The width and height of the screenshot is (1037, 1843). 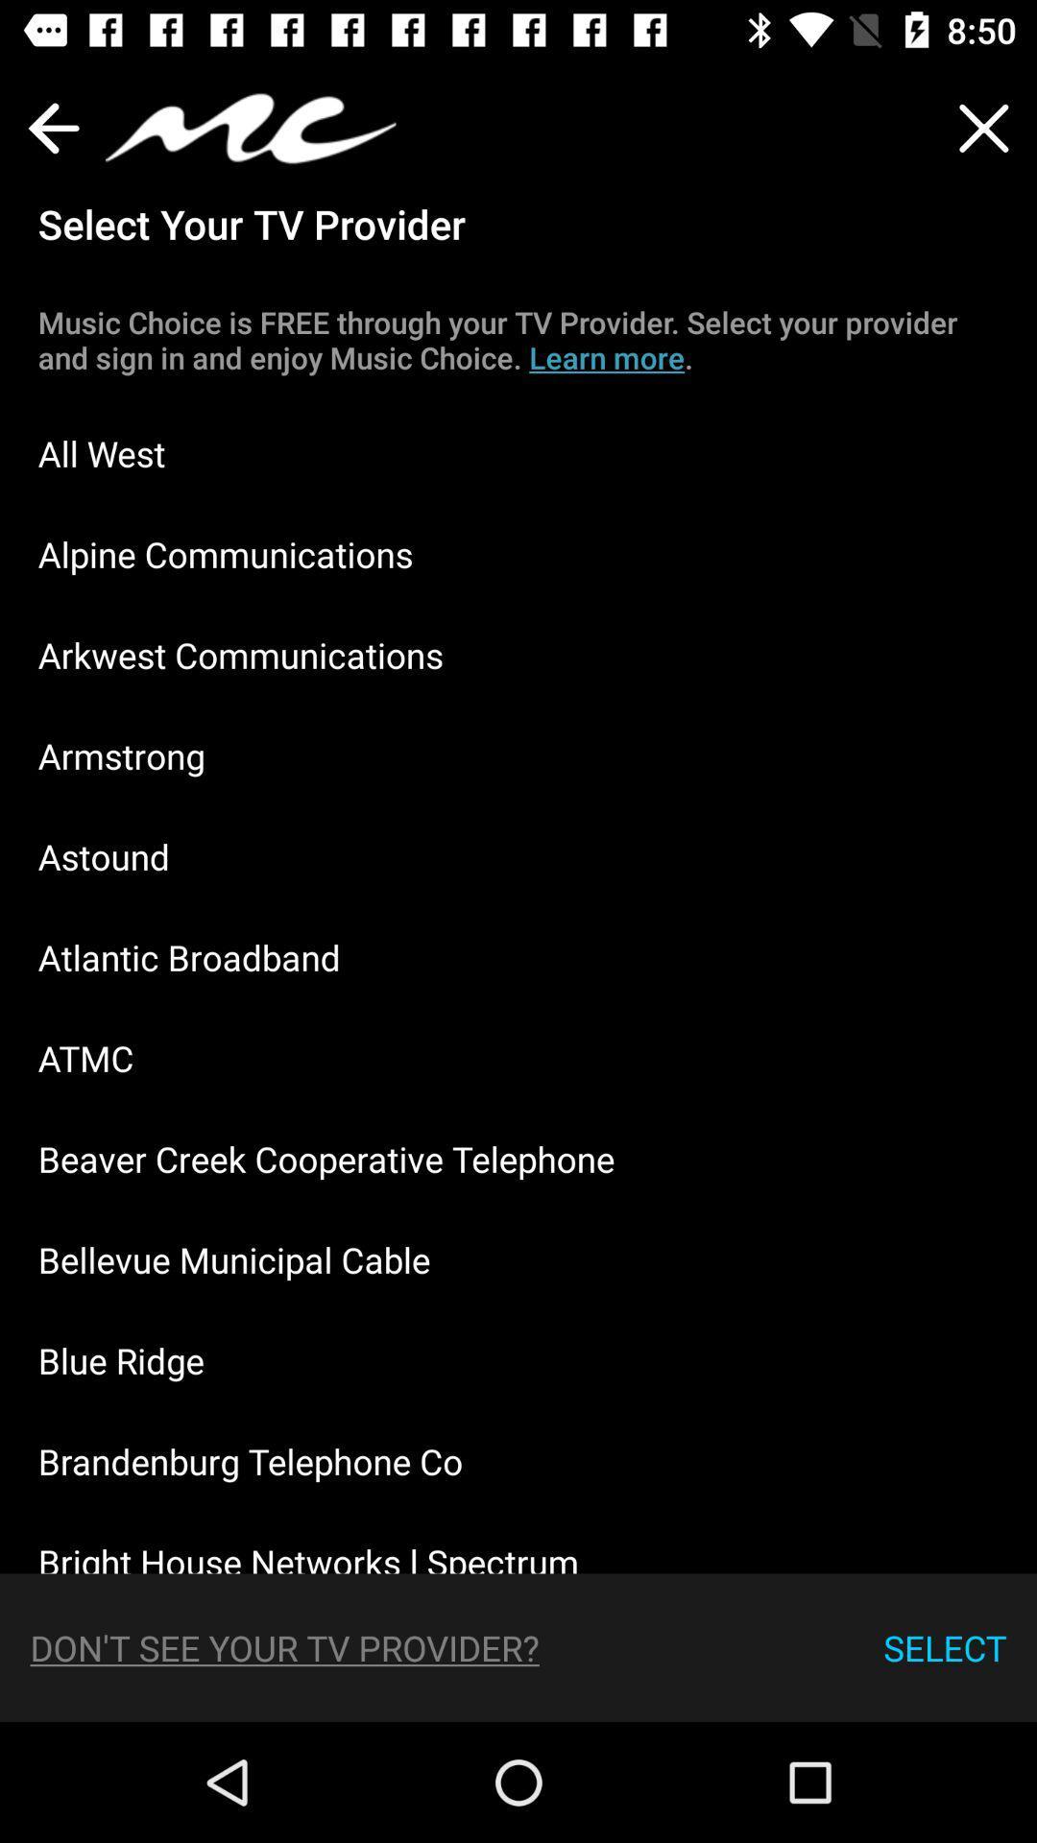 What do you see at coordinates (518, 340) in the screenshot?
I see `item below select your tv` at bounding box center [518, 340].